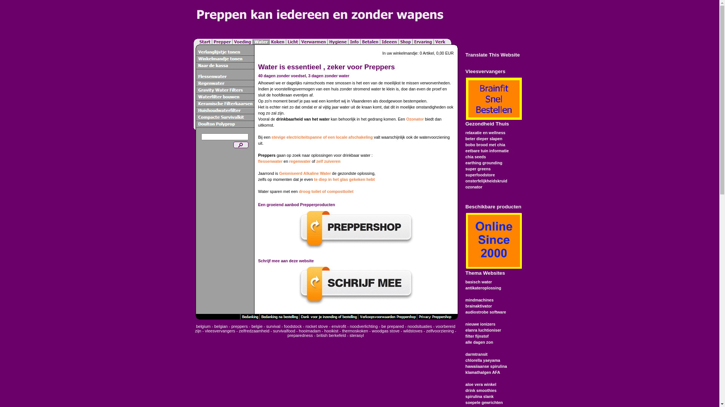 The image size is (725, 407). I want to click on 'stevige electriciteitspanne of een locale afschakeling', so click(322, 137).